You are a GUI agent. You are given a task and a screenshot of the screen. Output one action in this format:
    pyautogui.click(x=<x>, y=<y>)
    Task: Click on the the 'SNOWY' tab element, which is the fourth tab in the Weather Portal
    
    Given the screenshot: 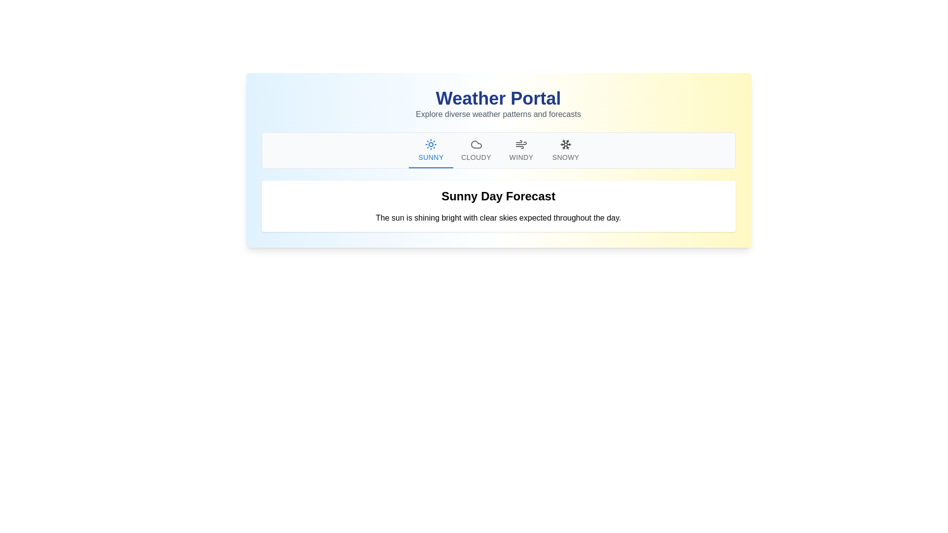 What is the action you would take?
    pyautogui.click(x=565, y=150)
    